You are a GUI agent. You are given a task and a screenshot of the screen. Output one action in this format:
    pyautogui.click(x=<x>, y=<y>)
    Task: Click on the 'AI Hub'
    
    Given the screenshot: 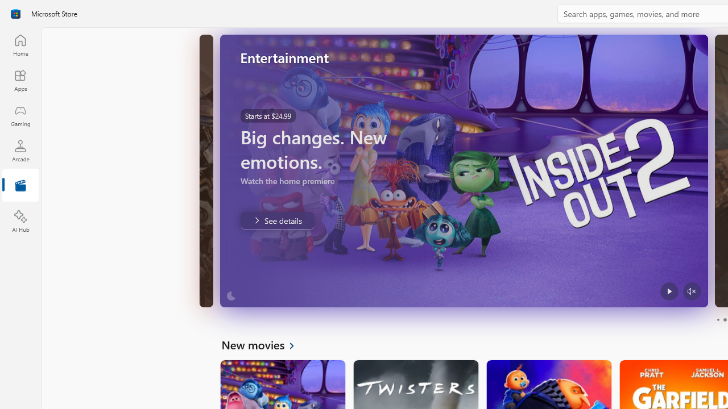 What is the action you would take?
    pyautogui.click(x=20, y=222)
    